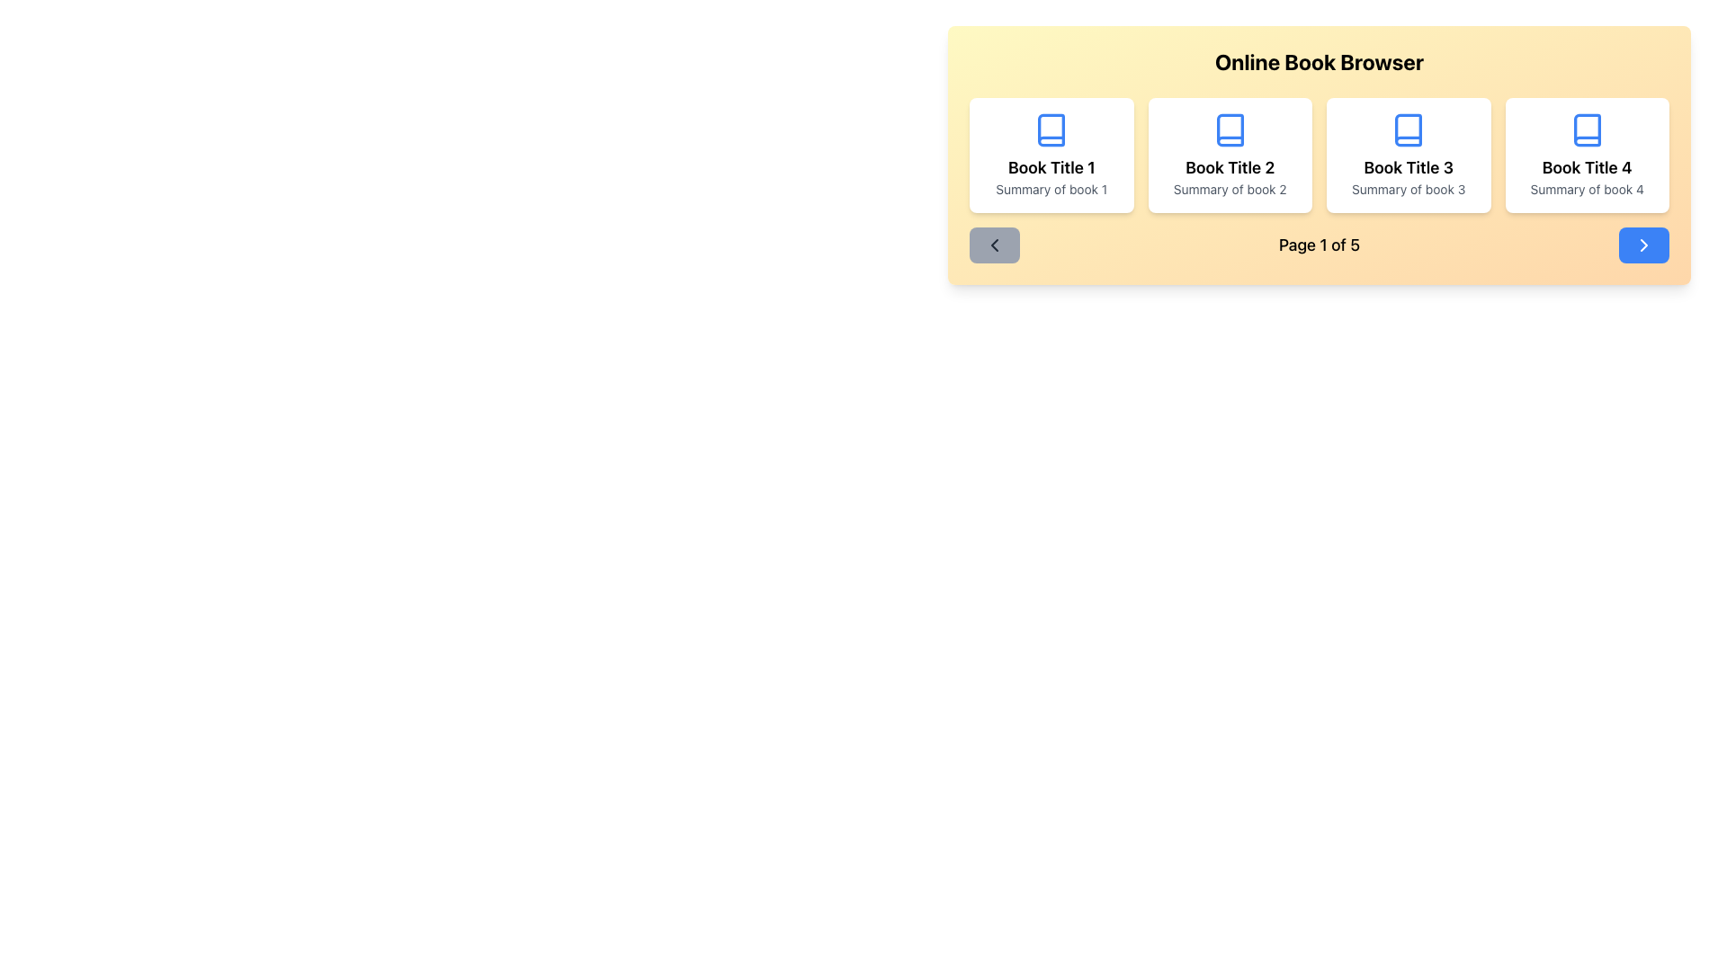 The image size is (1727, 971). What do you see at coordinates (1587, 167) in the screenshot?
I see `the text label that denotes the title of a specific book located at the center of the fourth card in the Online Book Browser interface` at bounding box center [1587, 167].